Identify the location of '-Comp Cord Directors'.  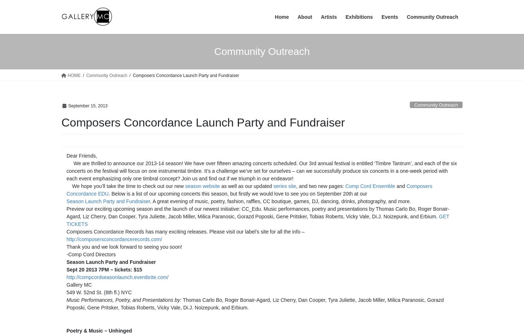
(91, 254).